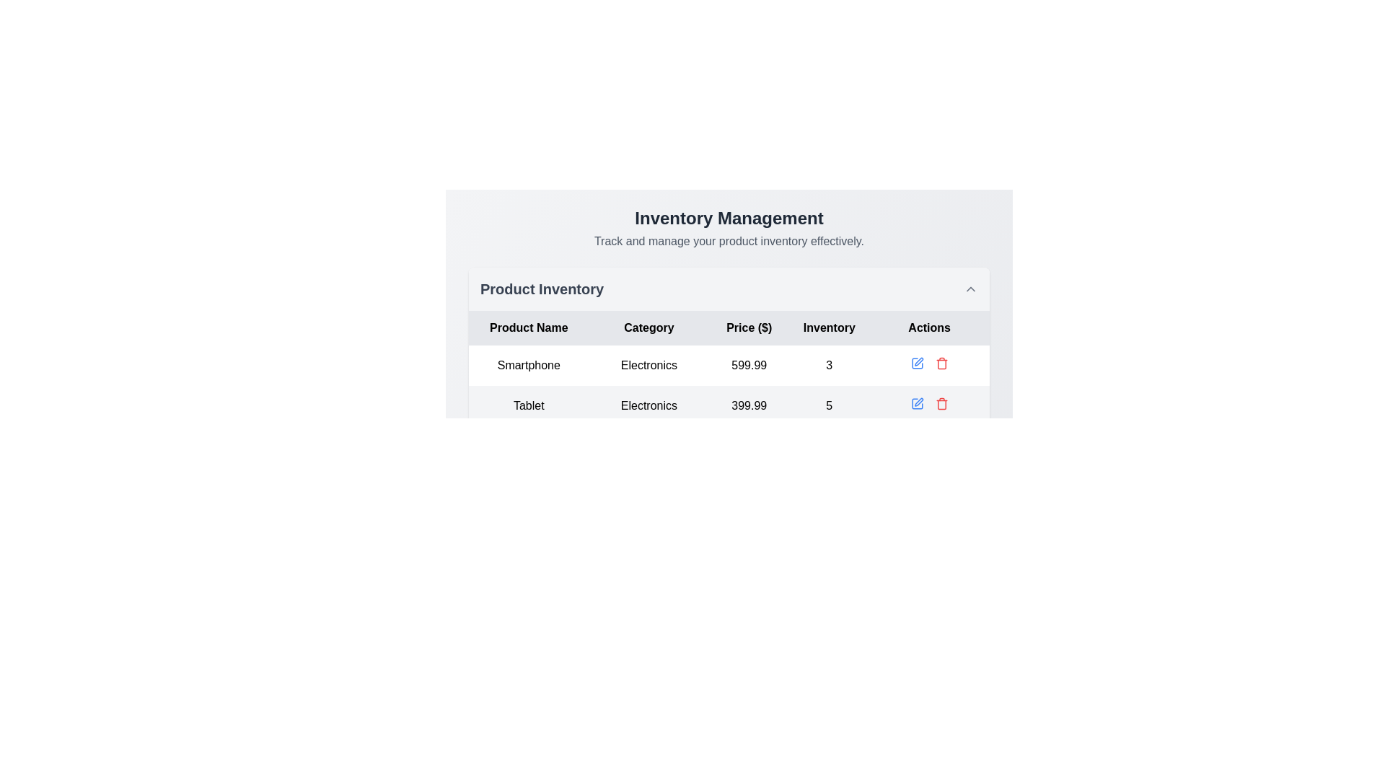 The image size is (1385, 779). I want to click on the text label 'Product Inventory', which is prominently displayed in bold, larger dark gray font in the header section of the table interface, so click(541, 289).